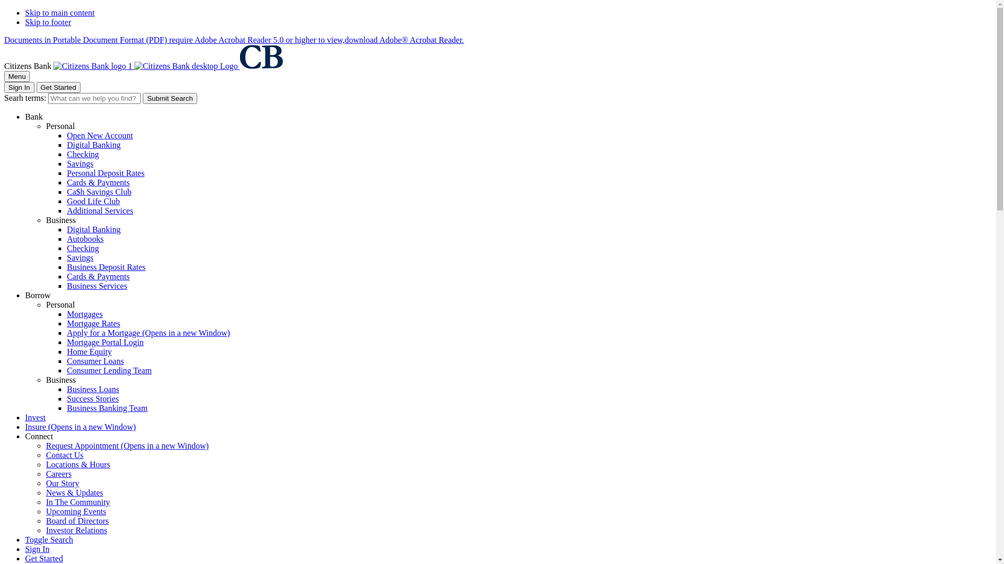  What do you see at coordinates (25, 13) in the screenshot?
I see `'Skip to main content'` at bounding box center [25, 13].